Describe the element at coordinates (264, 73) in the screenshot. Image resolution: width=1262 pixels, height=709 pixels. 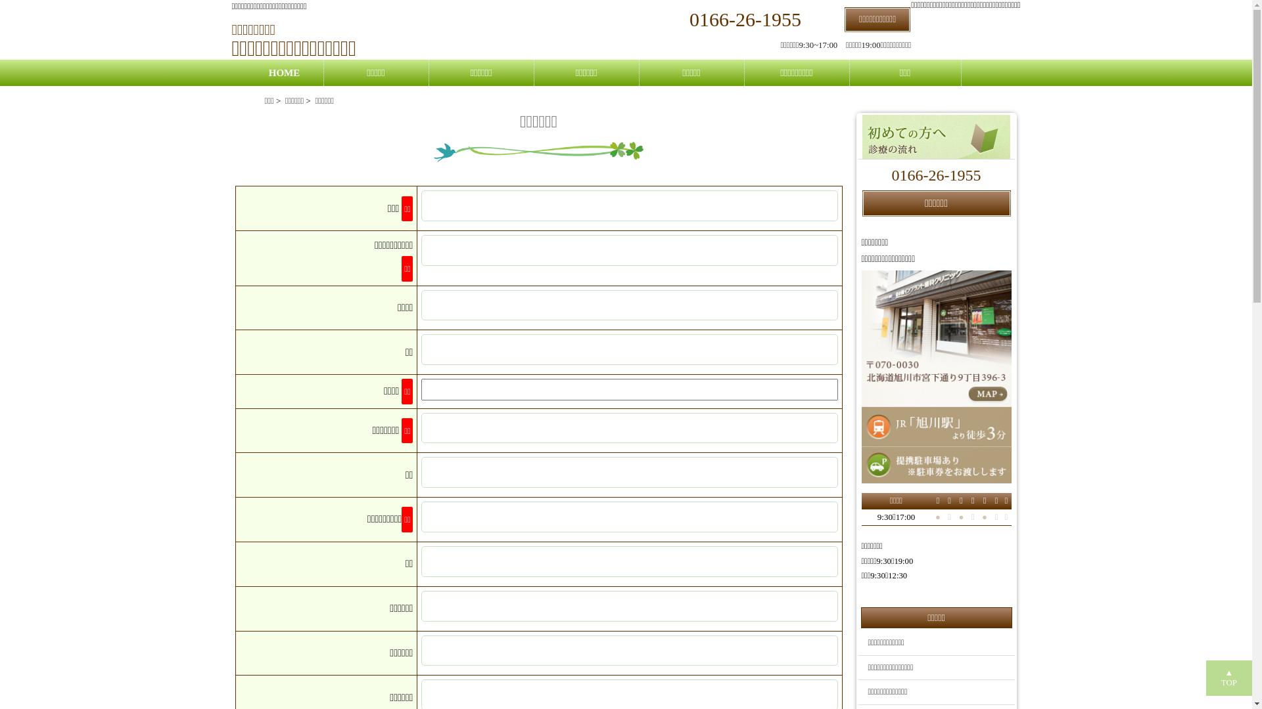
I see `'HOME'` at that location.